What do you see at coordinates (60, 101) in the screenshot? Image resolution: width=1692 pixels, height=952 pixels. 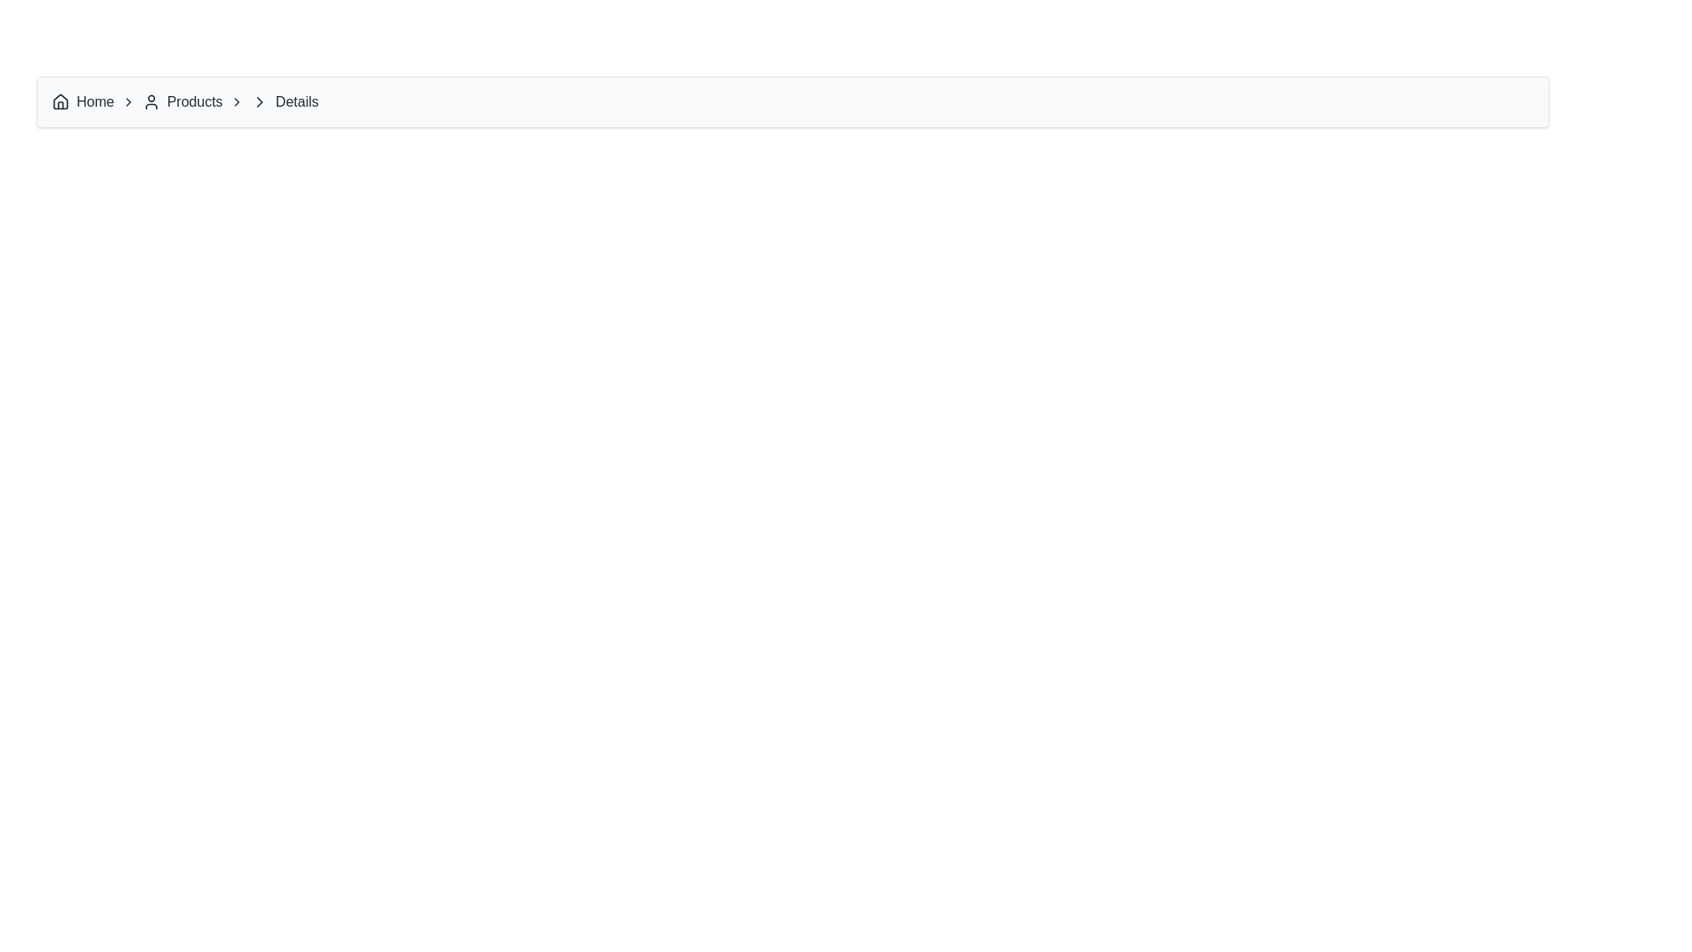 I see `the 'Home' icon element, which is a house icon serving as a visual indicator for navigating to the home page` at bounding box center [60, 101].